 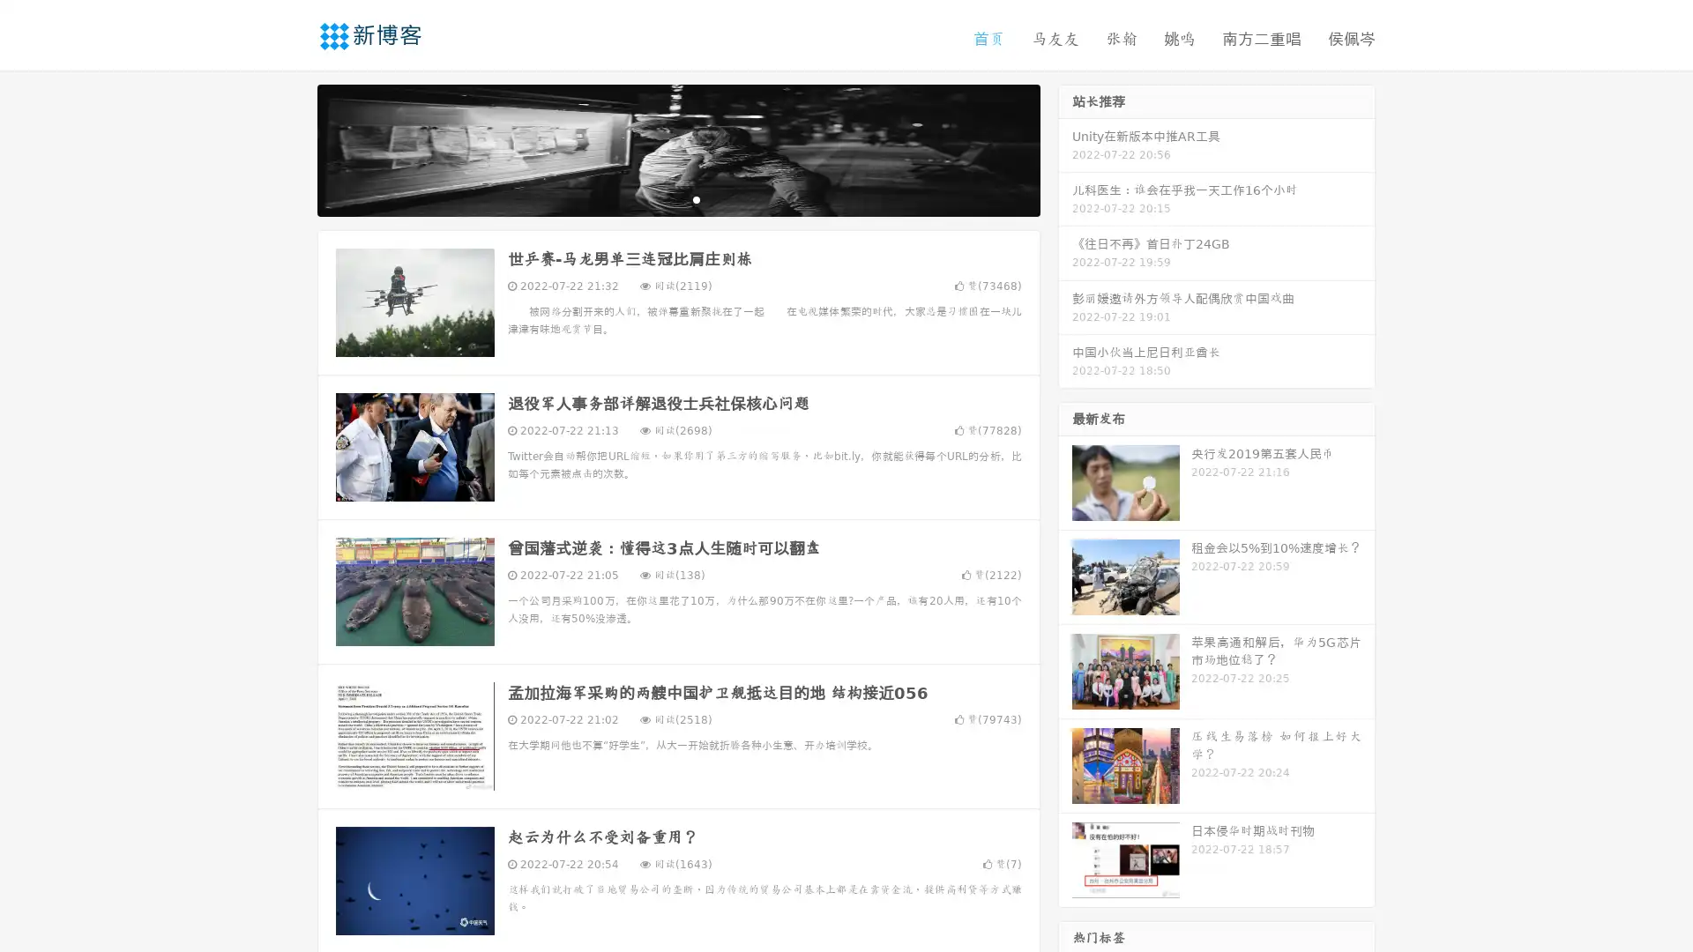 I want to click on Previous slide, so click(x=291, y=148).